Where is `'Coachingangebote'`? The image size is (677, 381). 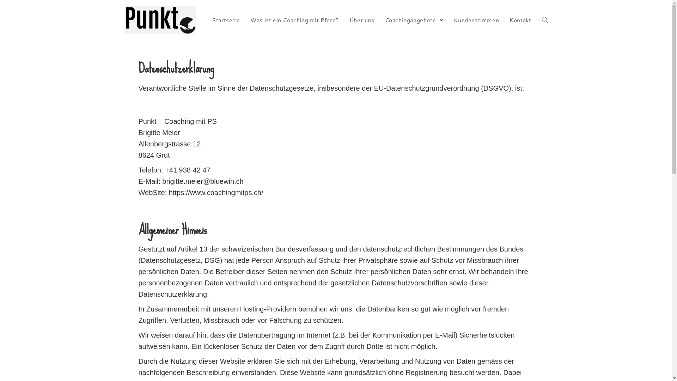 'Coachingangebote' is located at coordinates (414, 19).